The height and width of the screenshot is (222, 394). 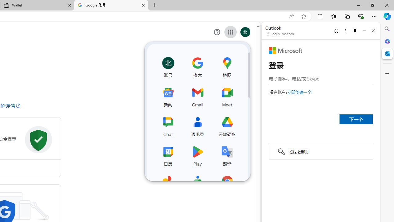 I want to click on 'Class: gb_E', so click(x=230, y=32).